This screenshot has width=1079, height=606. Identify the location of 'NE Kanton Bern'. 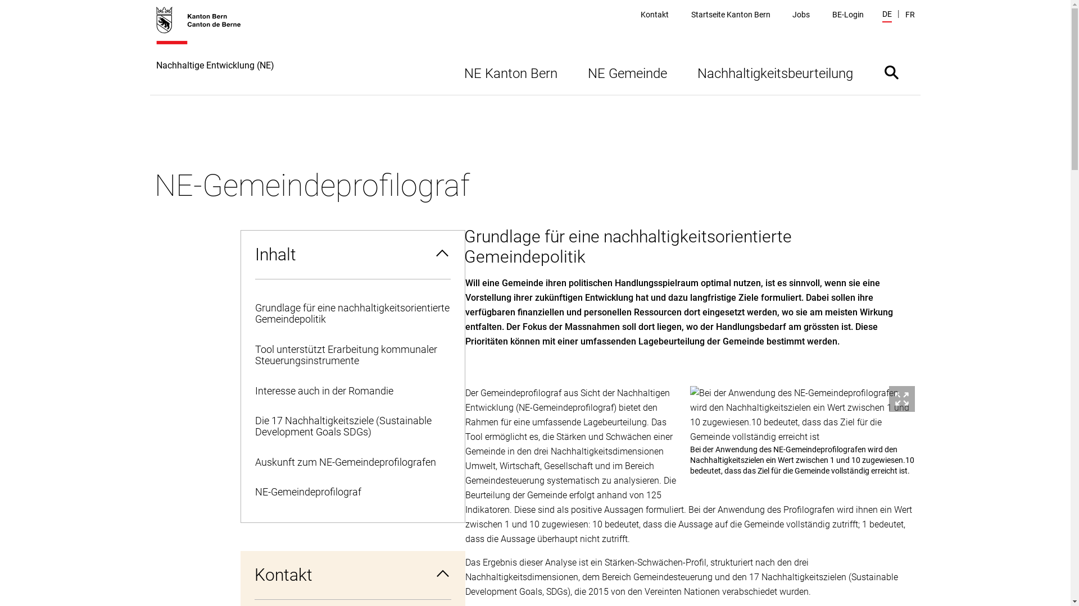
(509, 72).